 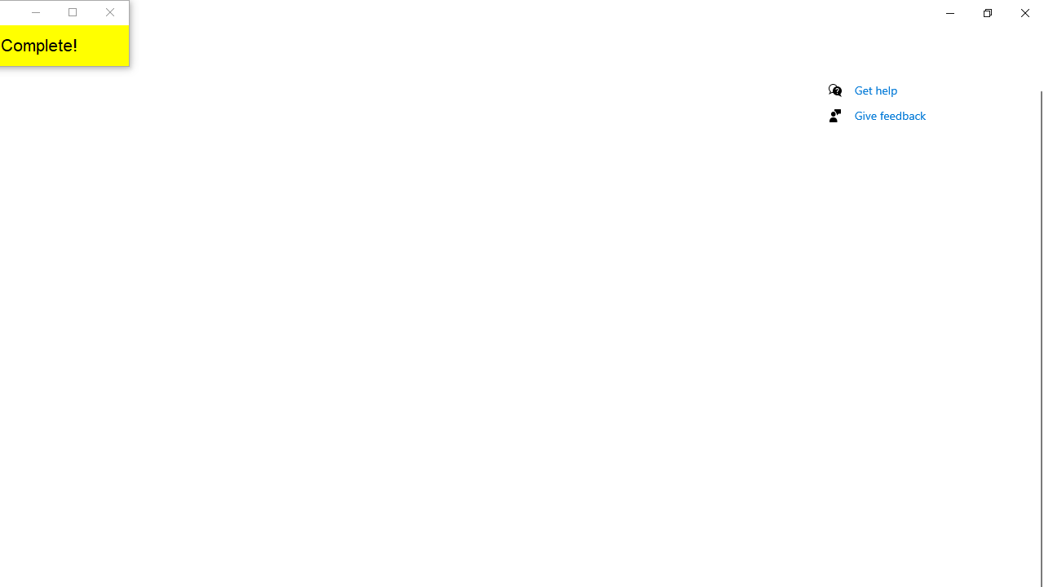 What do you see at coordinates (1024, 12) in the screenshot?
I see `'Close Settings'` at bounding box center [1024, 12].